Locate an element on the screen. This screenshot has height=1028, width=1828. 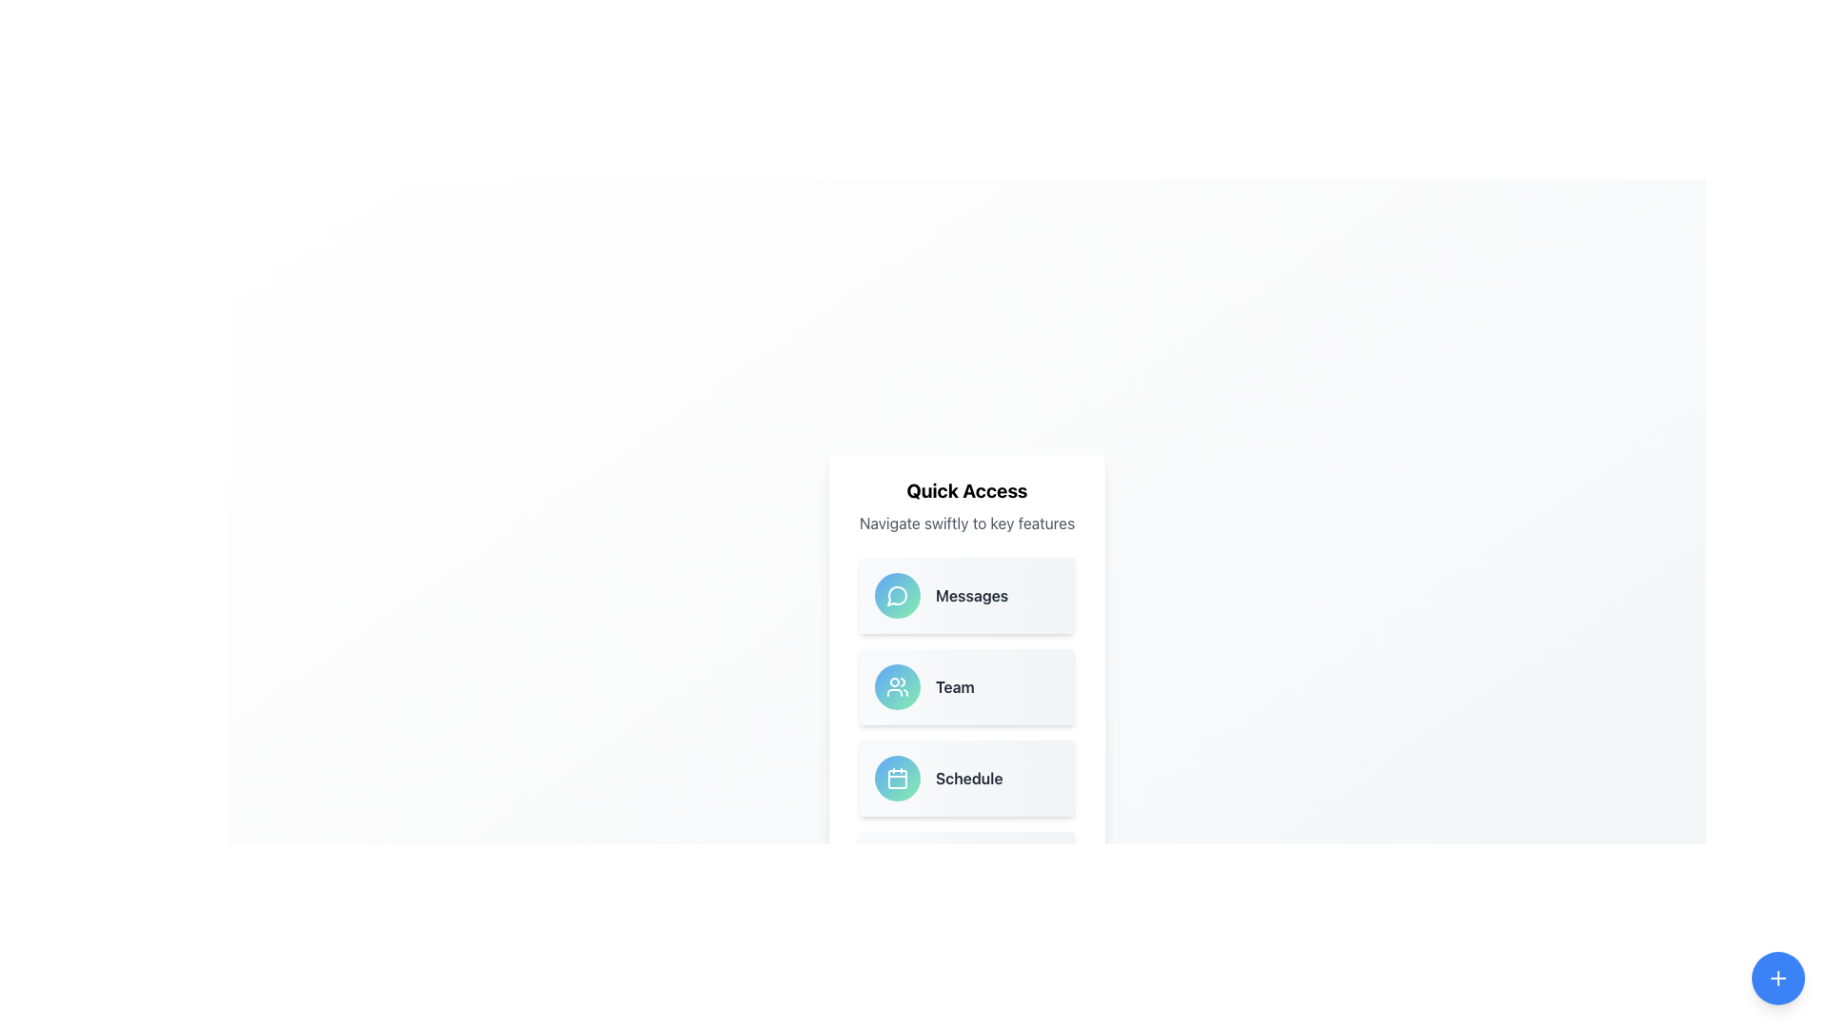
the supportive description text located directly below the 'Quick Access' title, which explains its purpose in navigating to key features is located at coordinates (967, 524).